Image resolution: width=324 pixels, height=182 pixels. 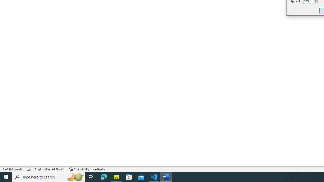 What do you see at coordinates (166, 176) in the screenshot?
I see `'Word - 1 running window'` at bounding box center [166, 176].